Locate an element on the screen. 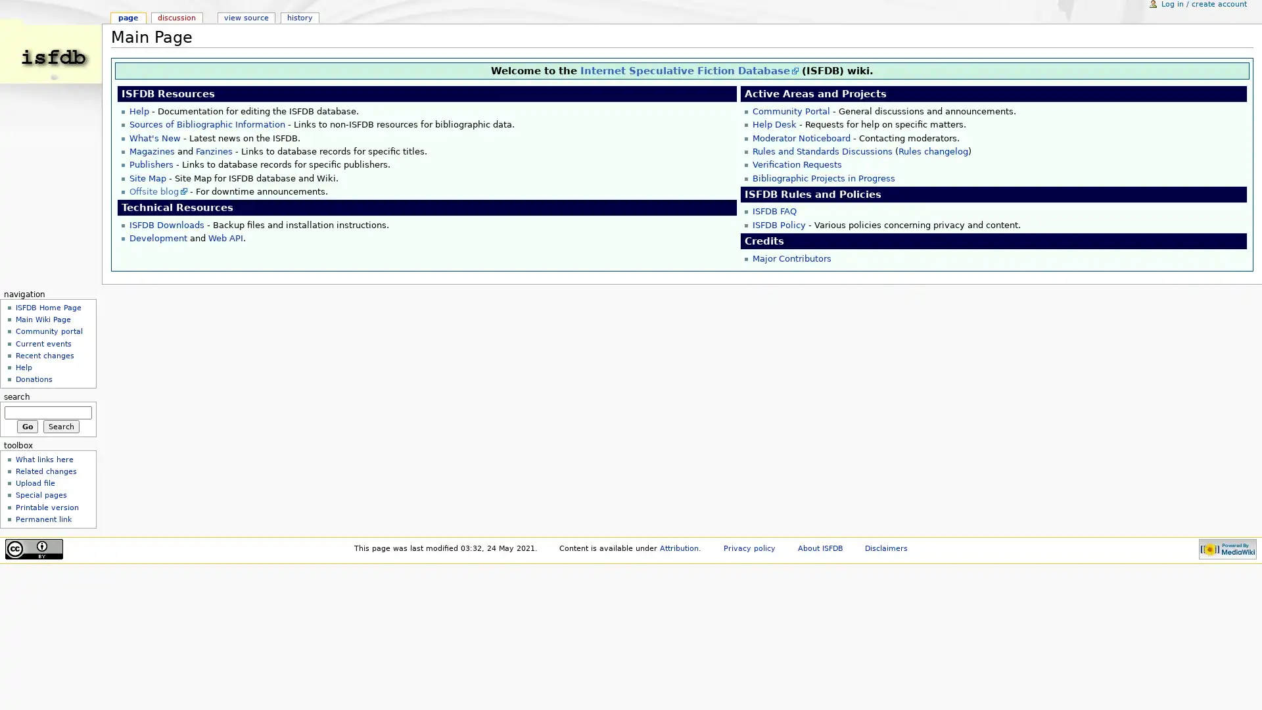  Go is located at coordinates (27, 426).